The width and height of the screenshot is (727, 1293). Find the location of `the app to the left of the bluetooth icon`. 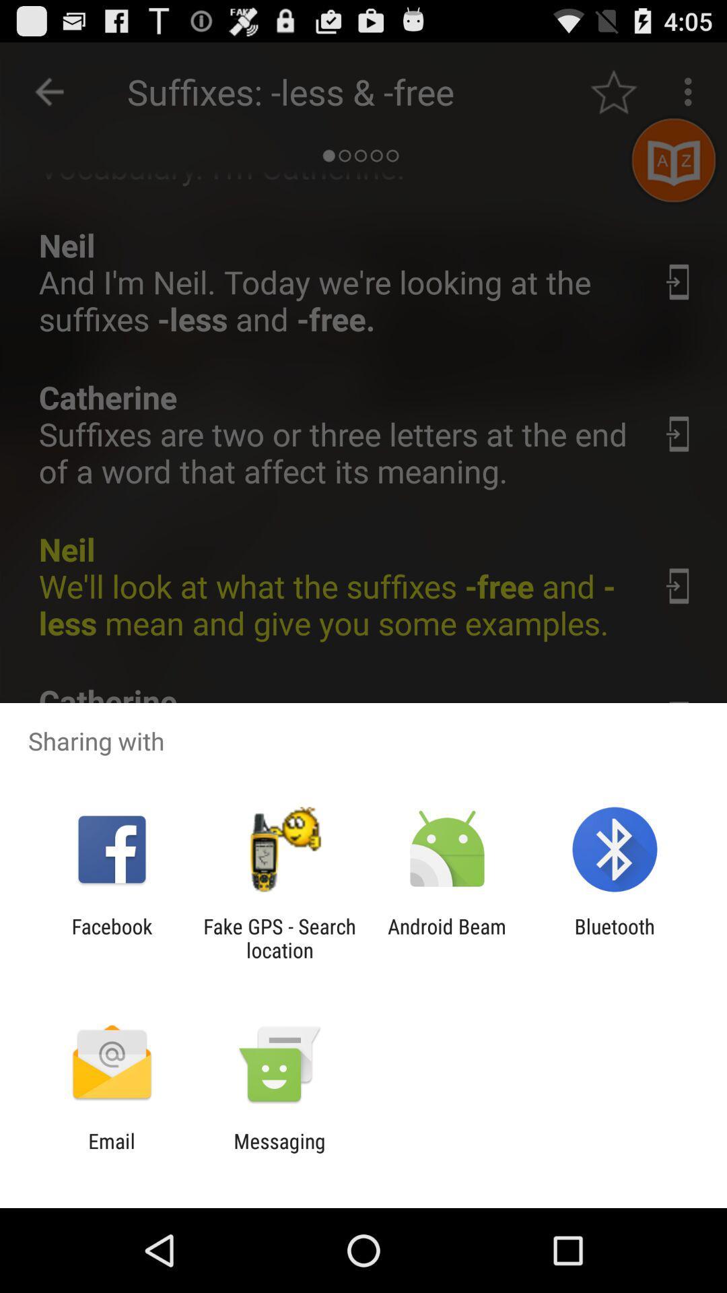

the app to the left of the bluetooth icon is located at coordinates (447, 937).